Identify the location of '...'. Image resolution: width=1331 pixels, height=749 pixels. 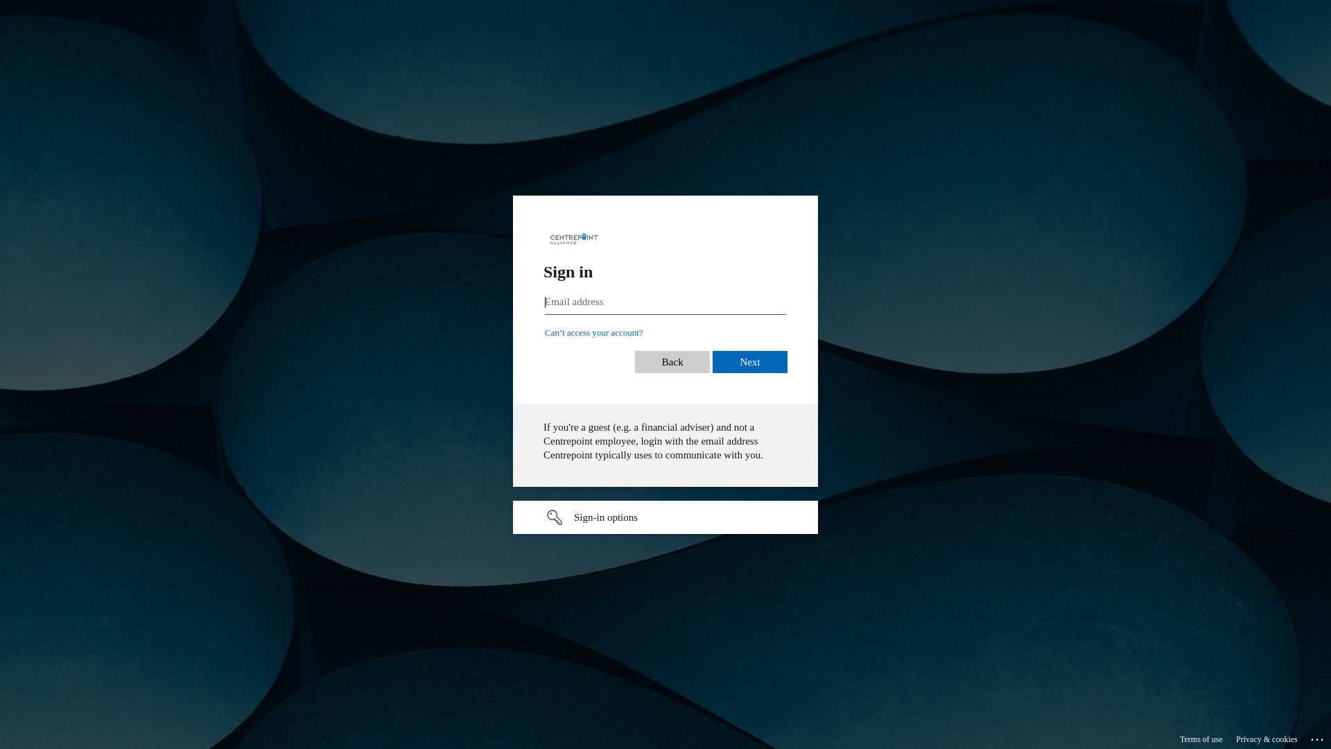
(1317, 737).